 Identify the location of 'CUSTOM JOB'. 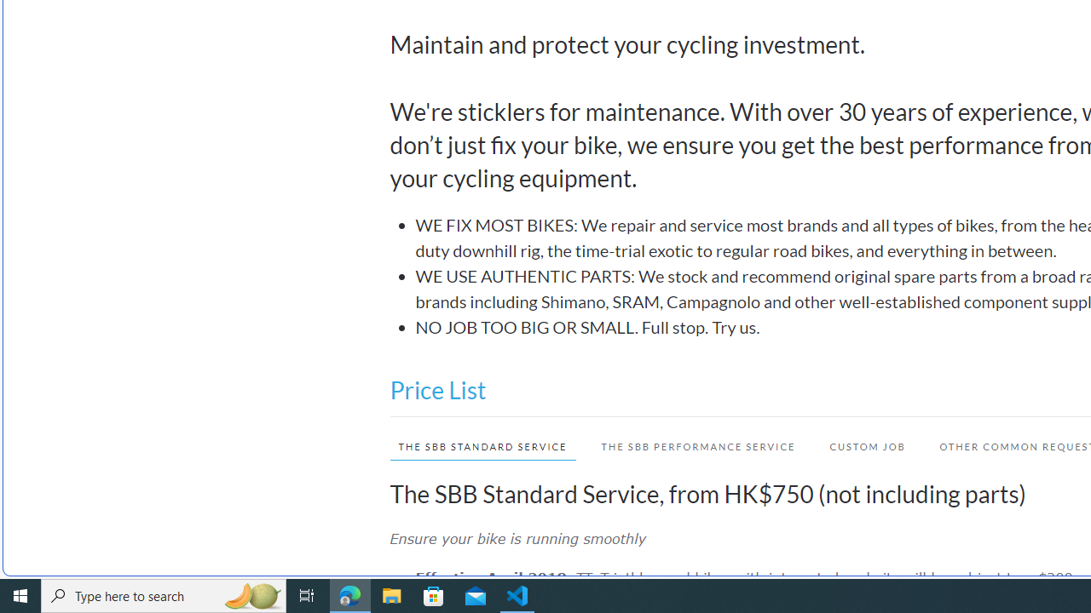
(867, 445).